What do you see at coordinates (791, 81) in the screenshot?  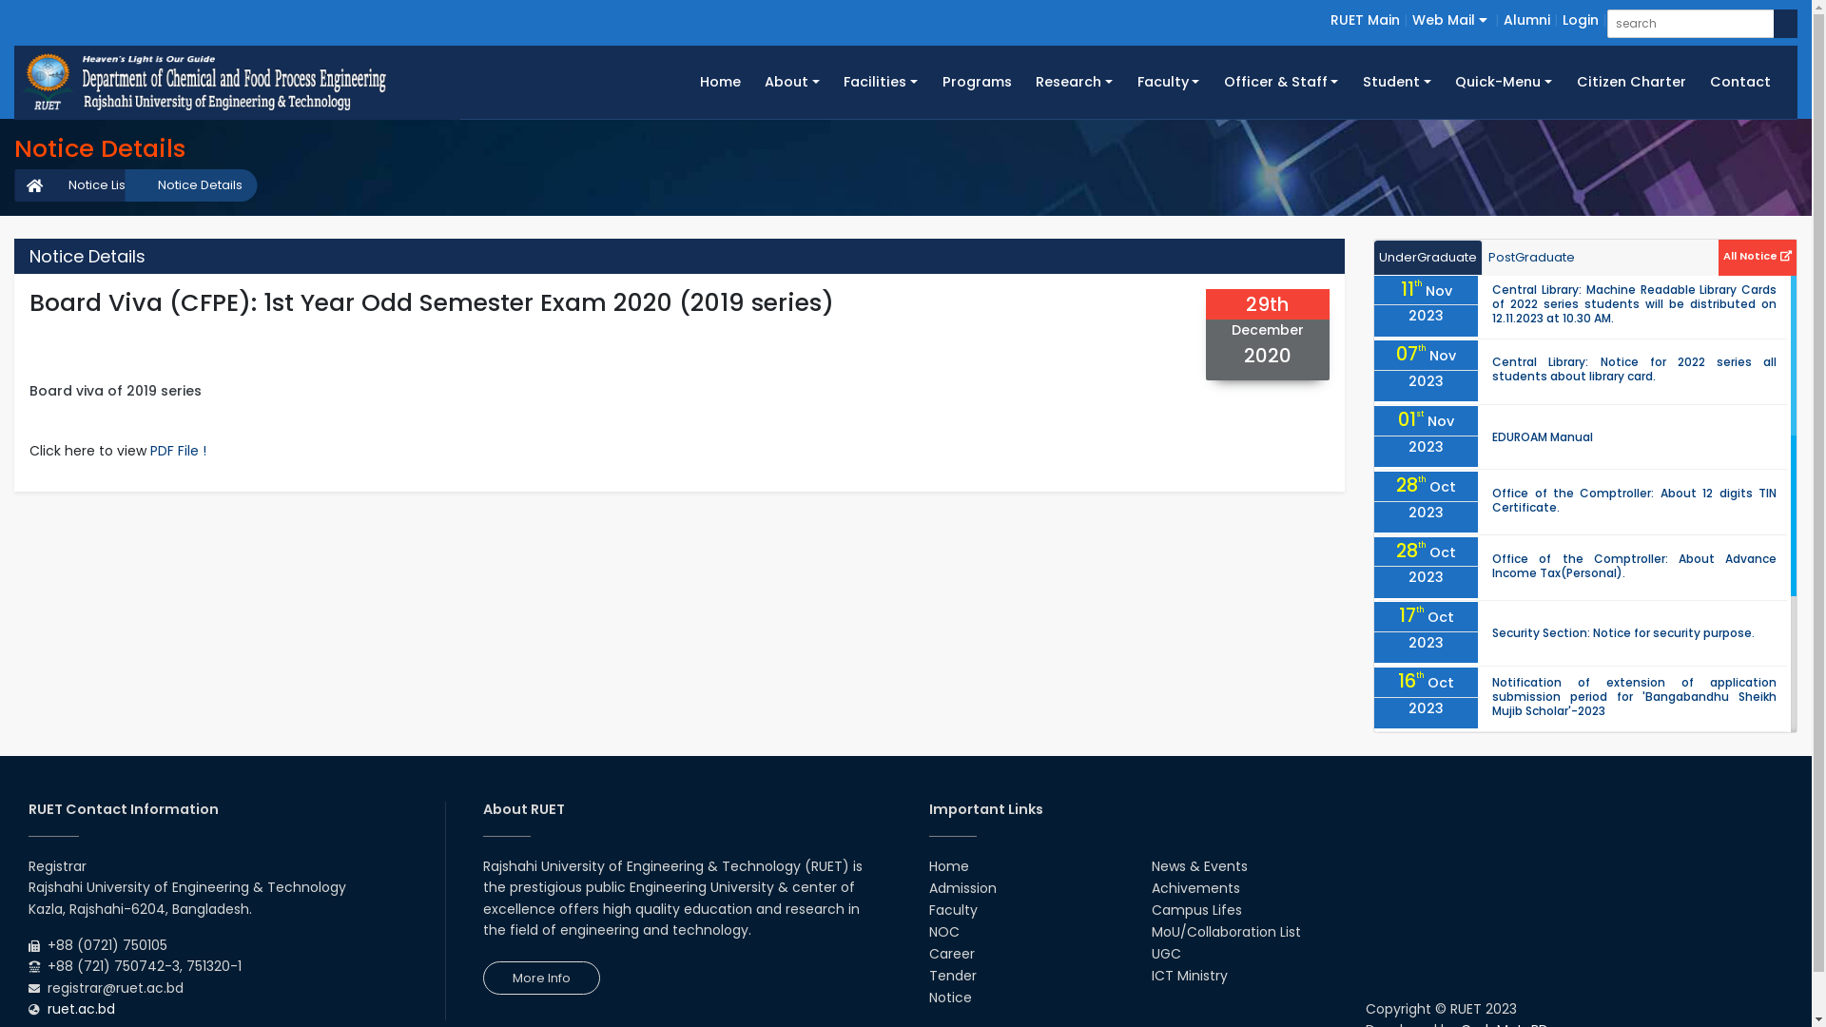 I see `'About'` at bounding box center [791, 81].